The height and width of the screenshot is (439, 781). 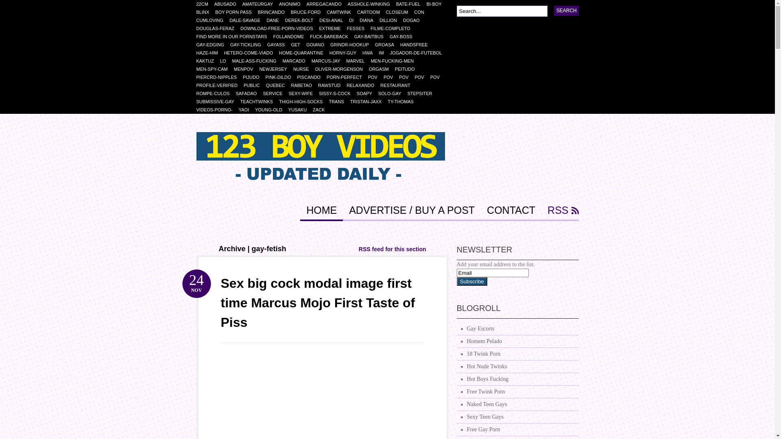 What do you see at coordinates (400, 12) in the screenshot?
I see `'CLOSEUM'` at bounding box center [400, 12].